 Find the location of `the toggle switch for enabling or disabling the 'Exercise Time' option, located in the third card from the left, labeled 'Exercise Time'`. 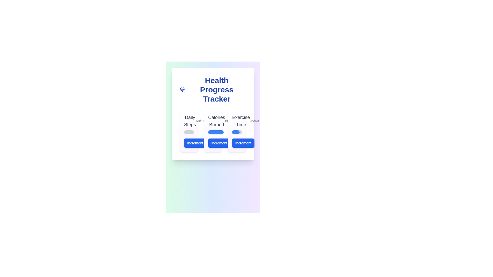

the toggle switch for enabling or disabling the 'Exercise Time' option, located in the third card from the left, labeled 'Exercise Time' is located at coordinates (236, 130).